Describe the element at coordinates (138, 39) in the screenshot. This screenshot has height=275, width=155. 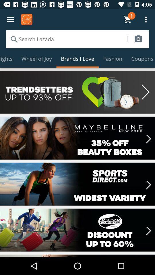
I see `the icon above coupons` at that location.